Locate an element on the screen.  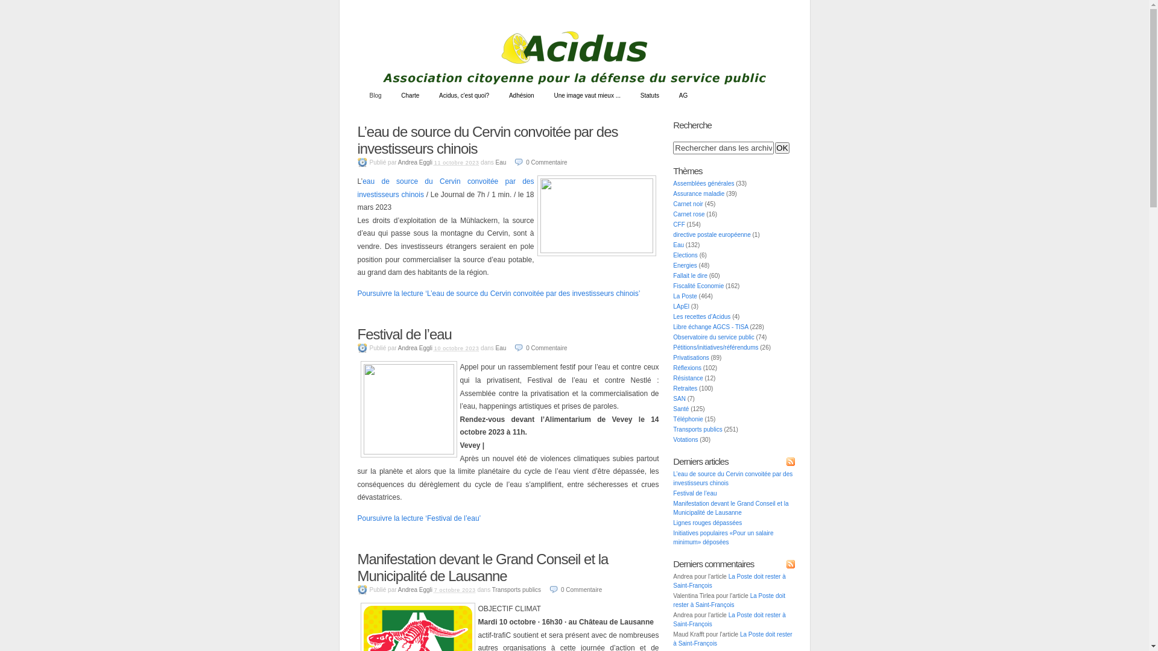
'Charte' is located at coordinates (391, 95).